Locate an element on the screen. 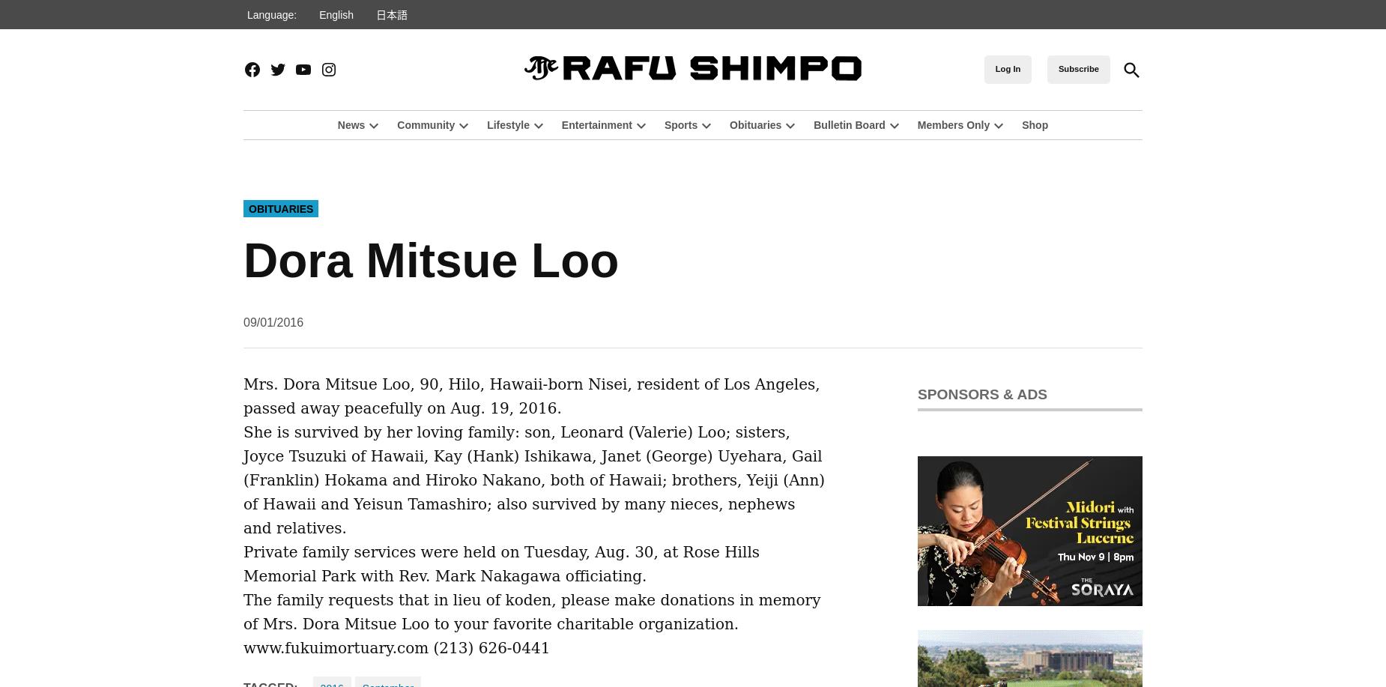 Image resolution: width=1386 pixels, height=687 pixels. 'News' is located at coordinates (336, 124).